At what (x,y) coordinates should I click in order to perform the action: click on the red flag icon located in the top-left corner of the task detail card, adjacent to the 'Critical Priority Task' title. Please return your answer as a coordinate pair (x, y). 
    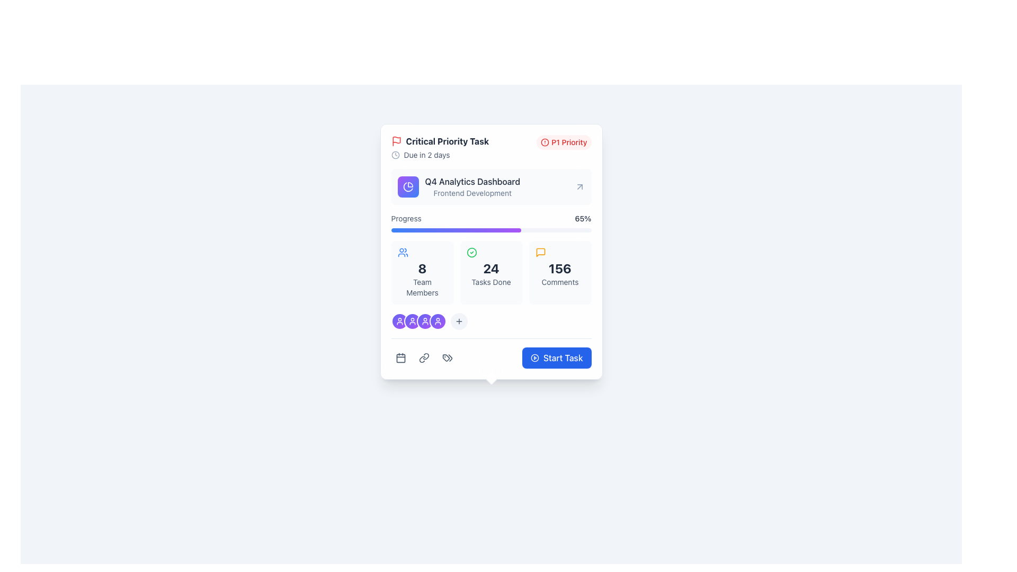
    Looking at the image, I should click on (396, 139).